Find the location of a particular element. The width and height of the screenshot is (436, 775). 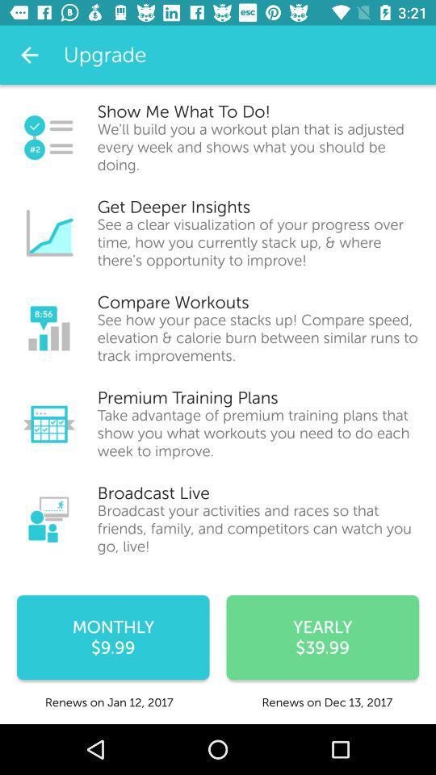

yearly is located at coordinates (322, 637).